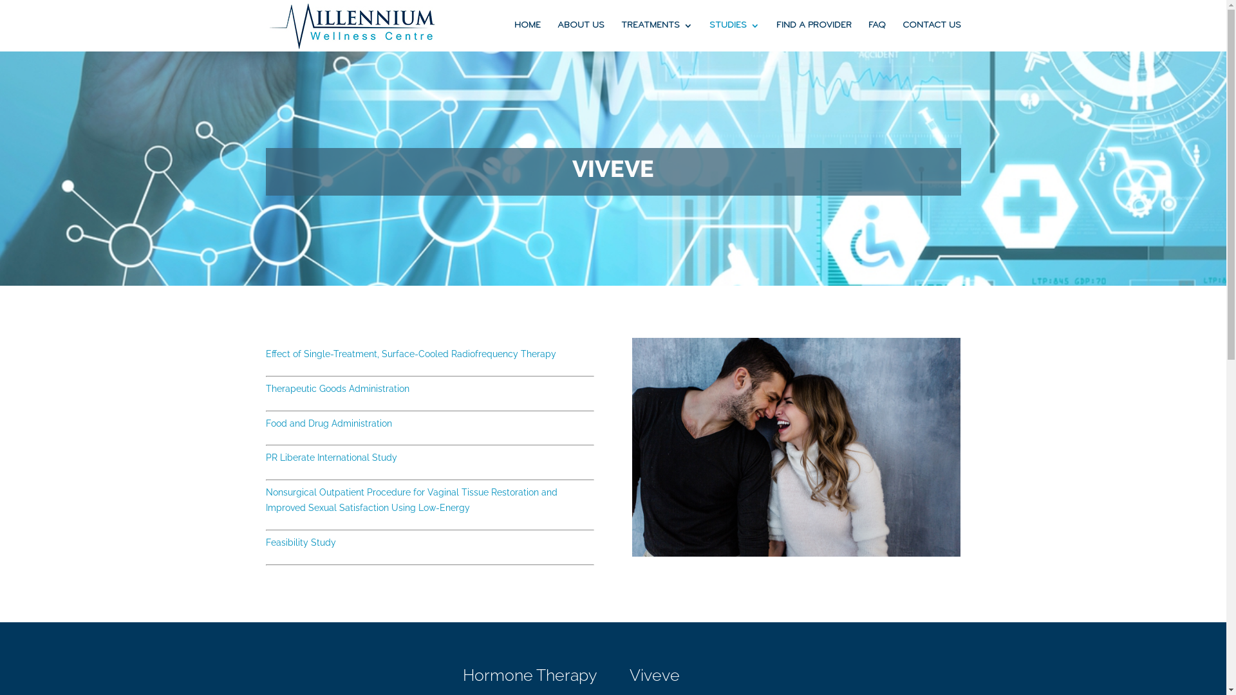 This screenshot has height=695, width=1236. Describe the element at coordinates (654, 674) in the screenshot. I see `'Viveve'` at that location.